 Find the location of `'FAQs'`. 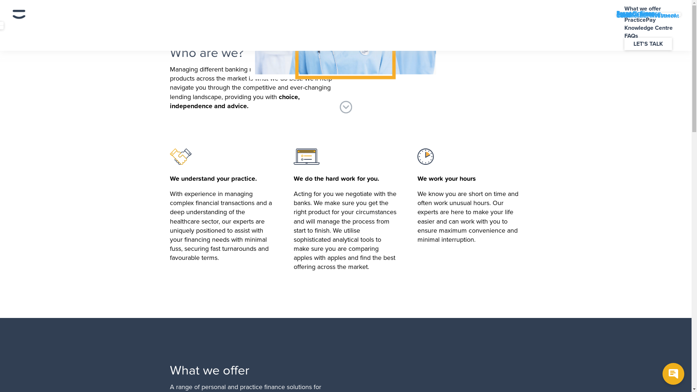

'FAQs' is located at coordinates (631, 36).